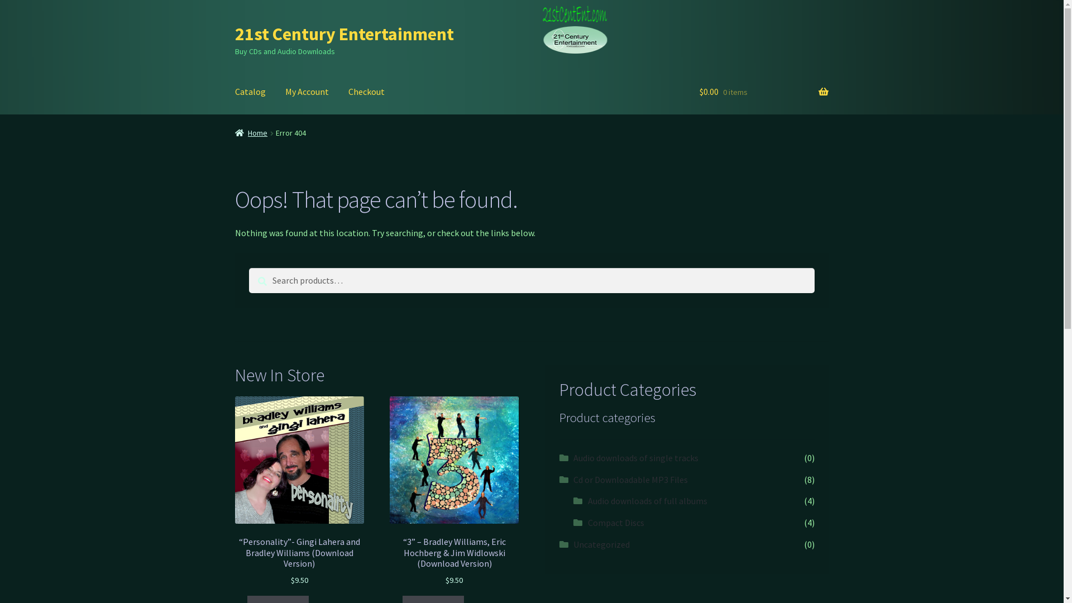 Image resolution: width=1072 pixels, height=603 pixels. What do you see at coordinates (615, 523) in the screenshot?
I see `'Compact Discs'` at bounding box center [615, 523].